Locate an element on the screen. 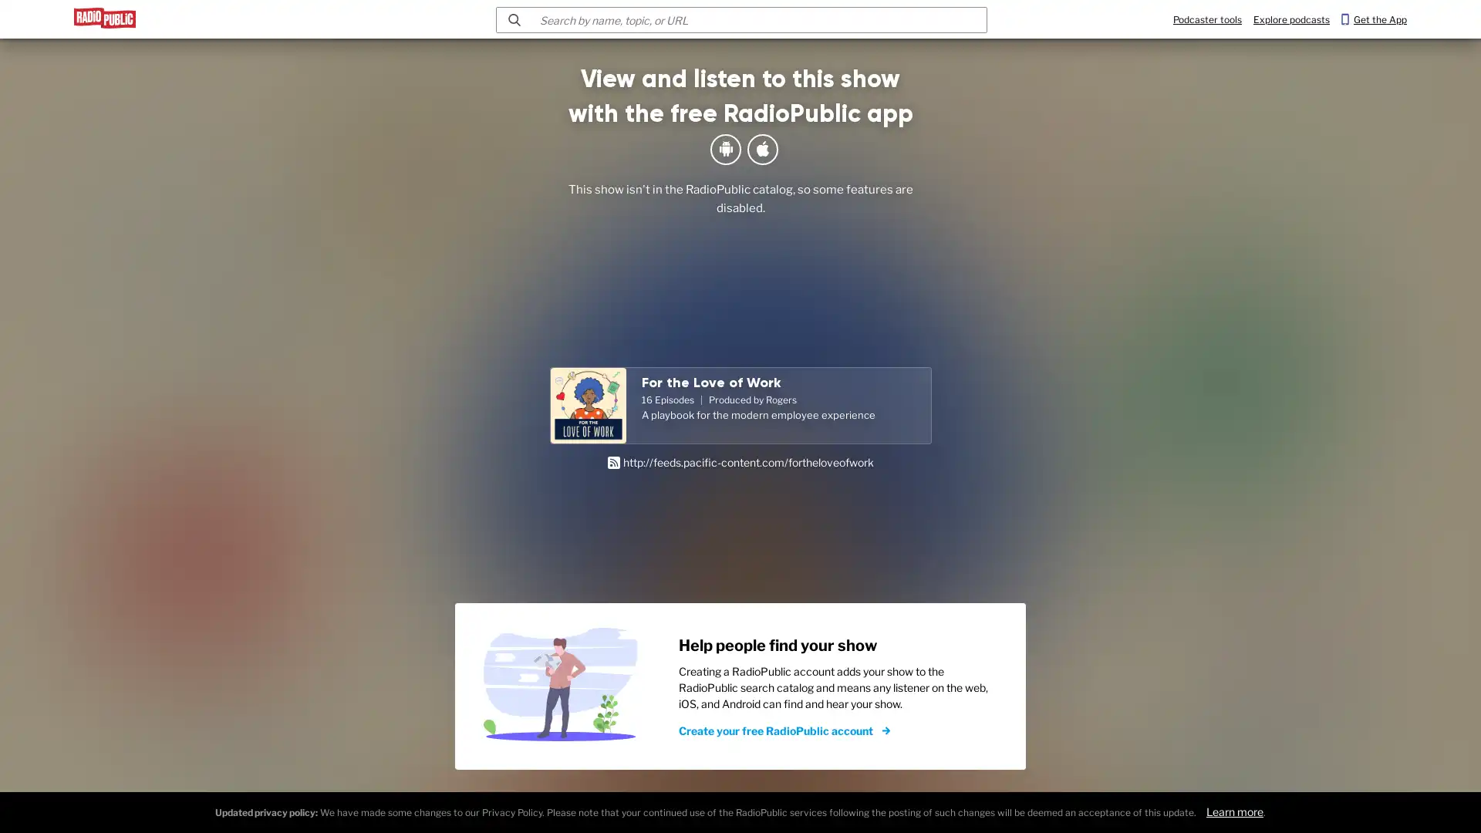  Download RadioPublic for Android is located at coordinates (724, 149).